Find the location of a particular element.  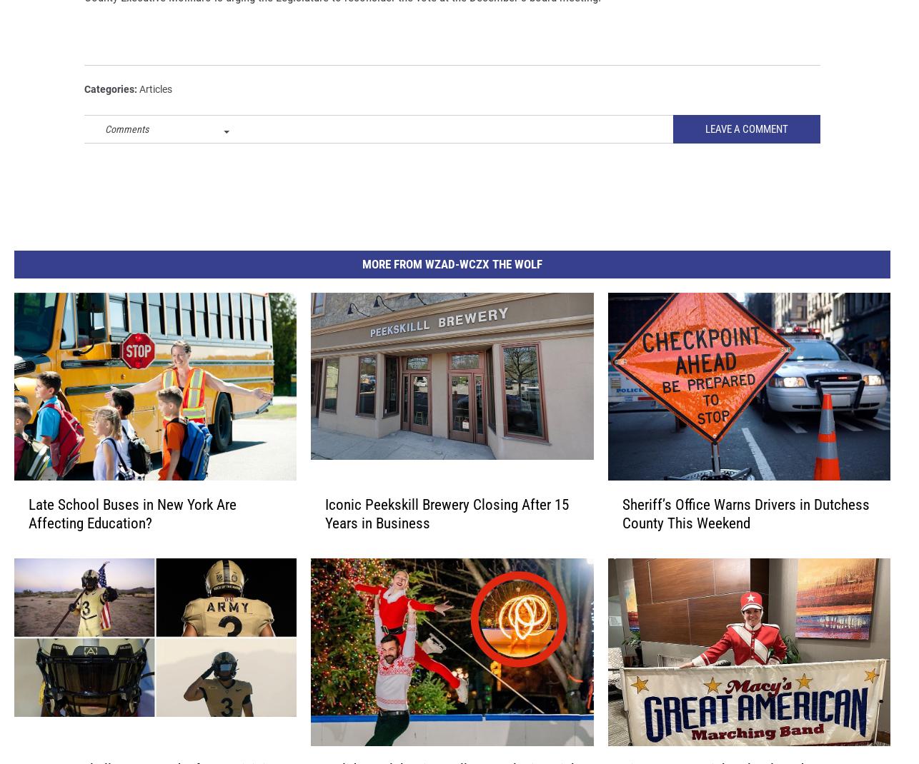

'Categories' is located at coordinates (84, 111).